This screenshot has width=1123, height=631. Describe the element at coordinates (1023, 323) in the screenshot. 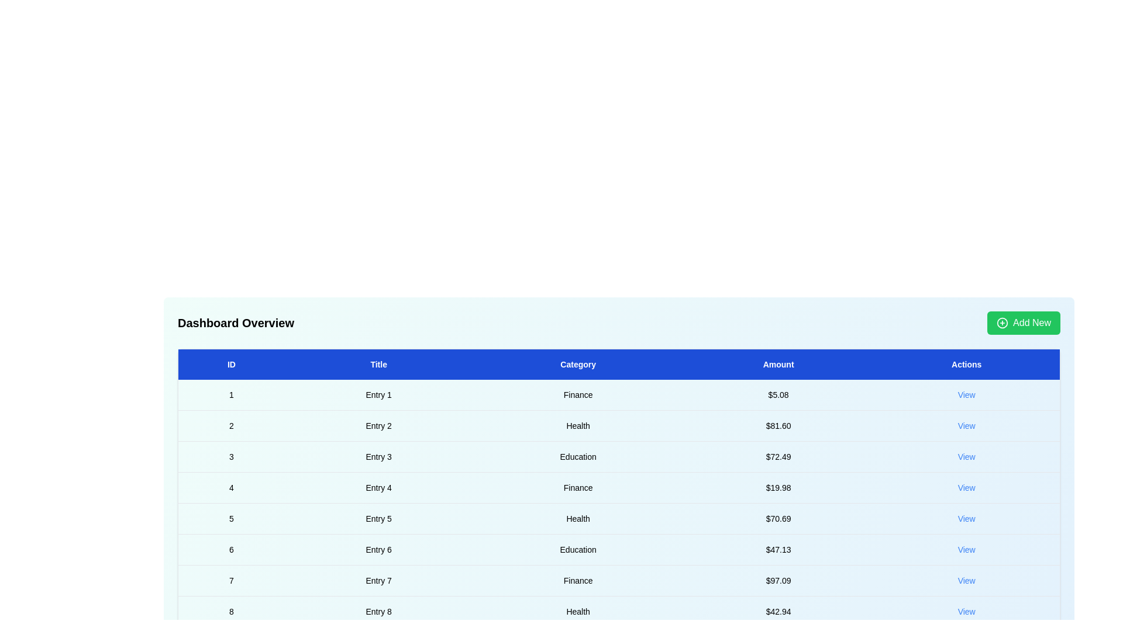

I see `the 'Add New' button to create a new entry` at that location.